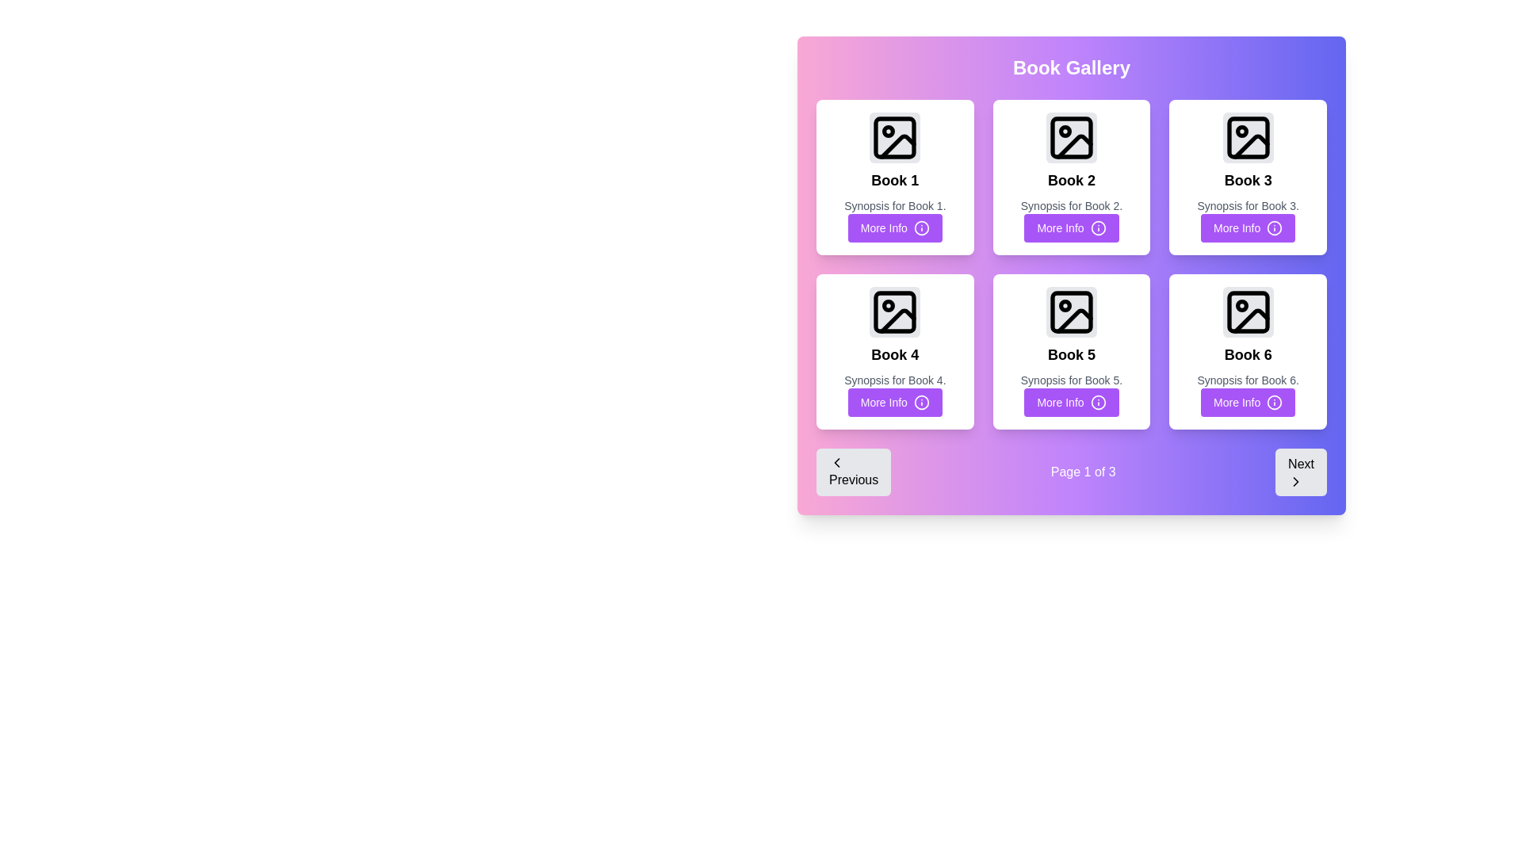 Image resolution: width=1522 pixels, height=856 pixels. What do you see at coordinates (921, 402) in the screenshot?
I see `the Circular SVG element adjacent to the 'More Info' button for Book 4 in the second row of the book gallery grid` at bounding box center [921, 402].